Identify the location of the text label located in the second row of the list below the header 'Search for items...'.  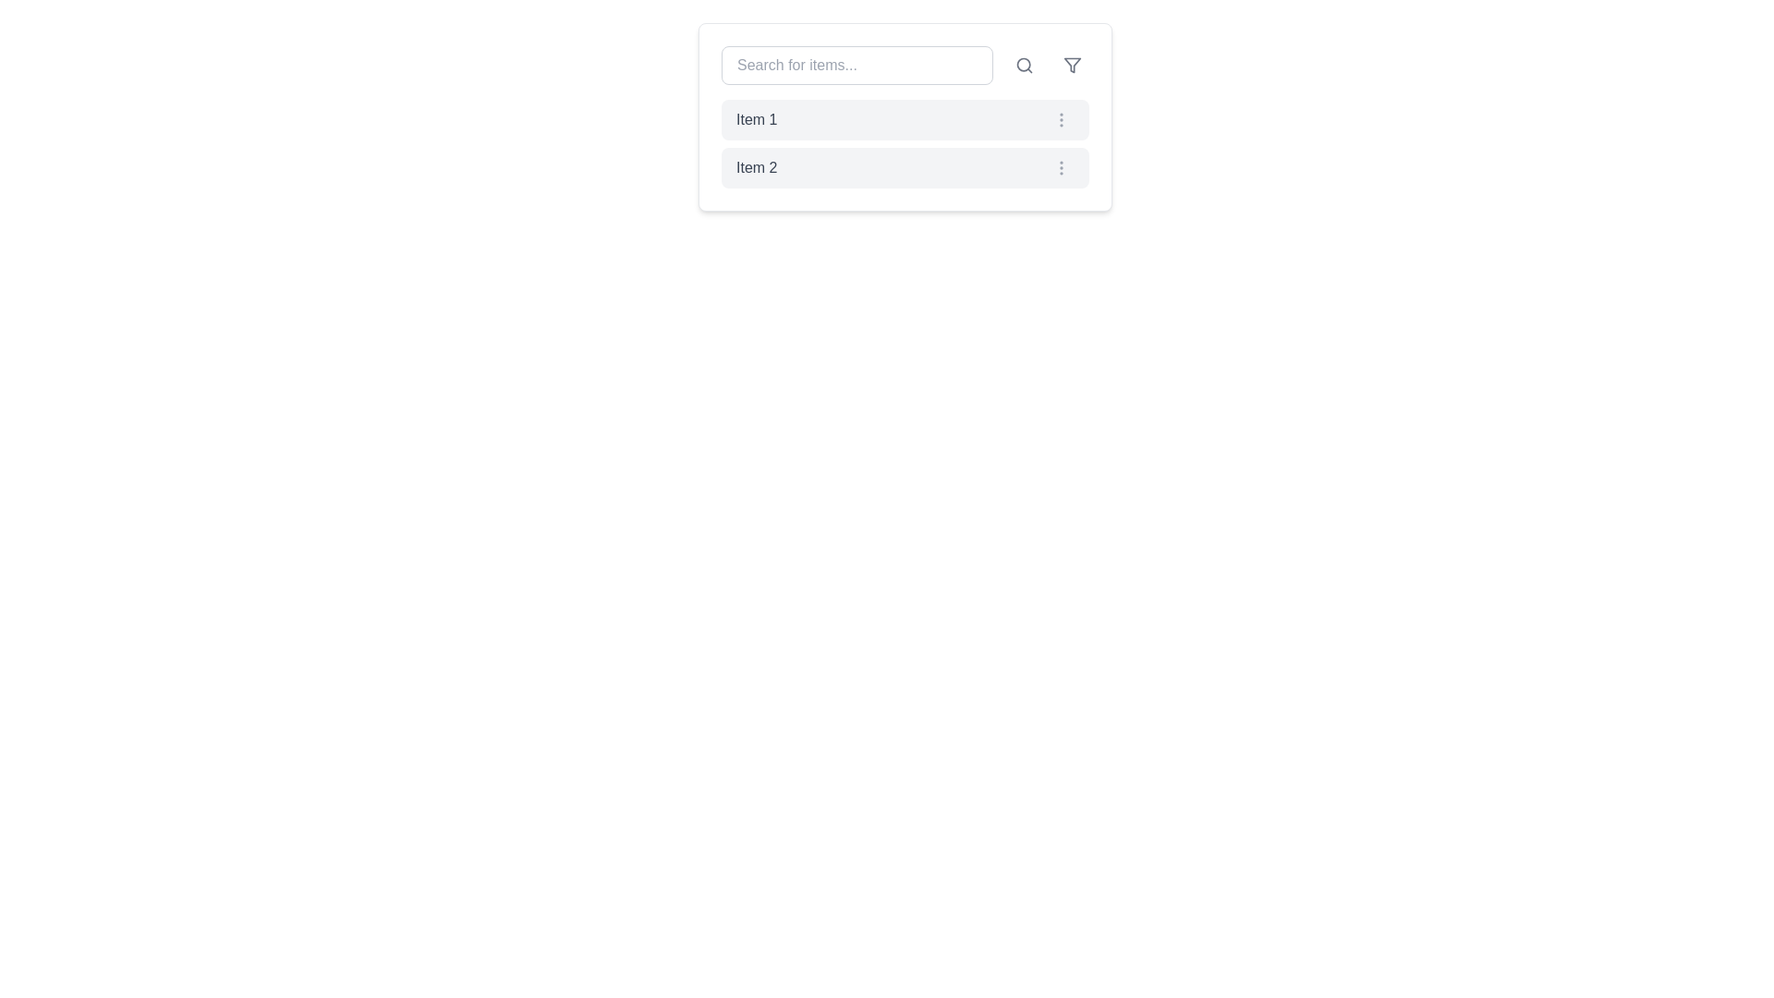
(757, 167).